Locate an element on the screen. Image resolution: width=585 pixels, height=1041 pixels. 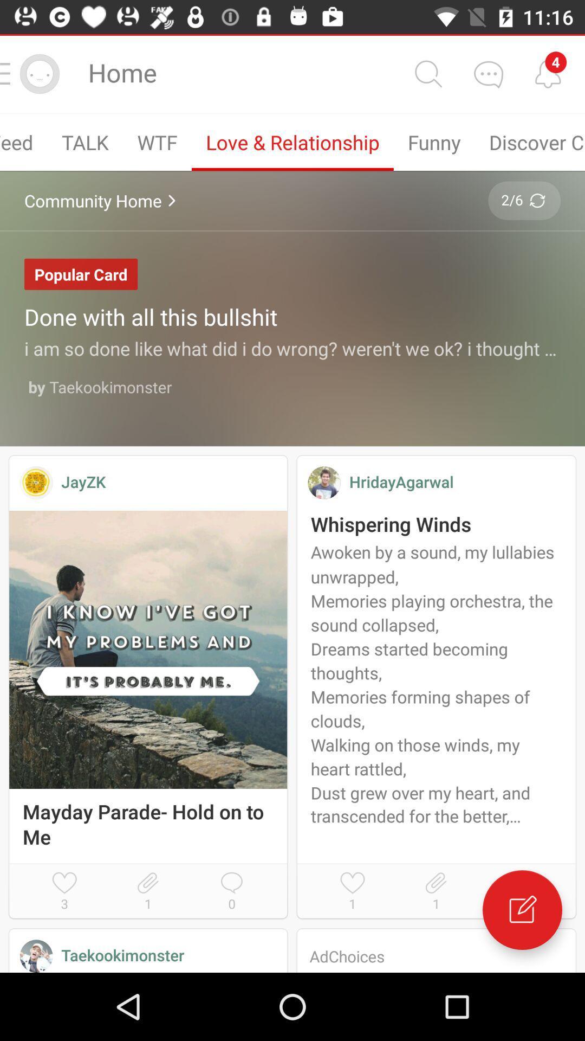
write is located at coordinates (522, 910).